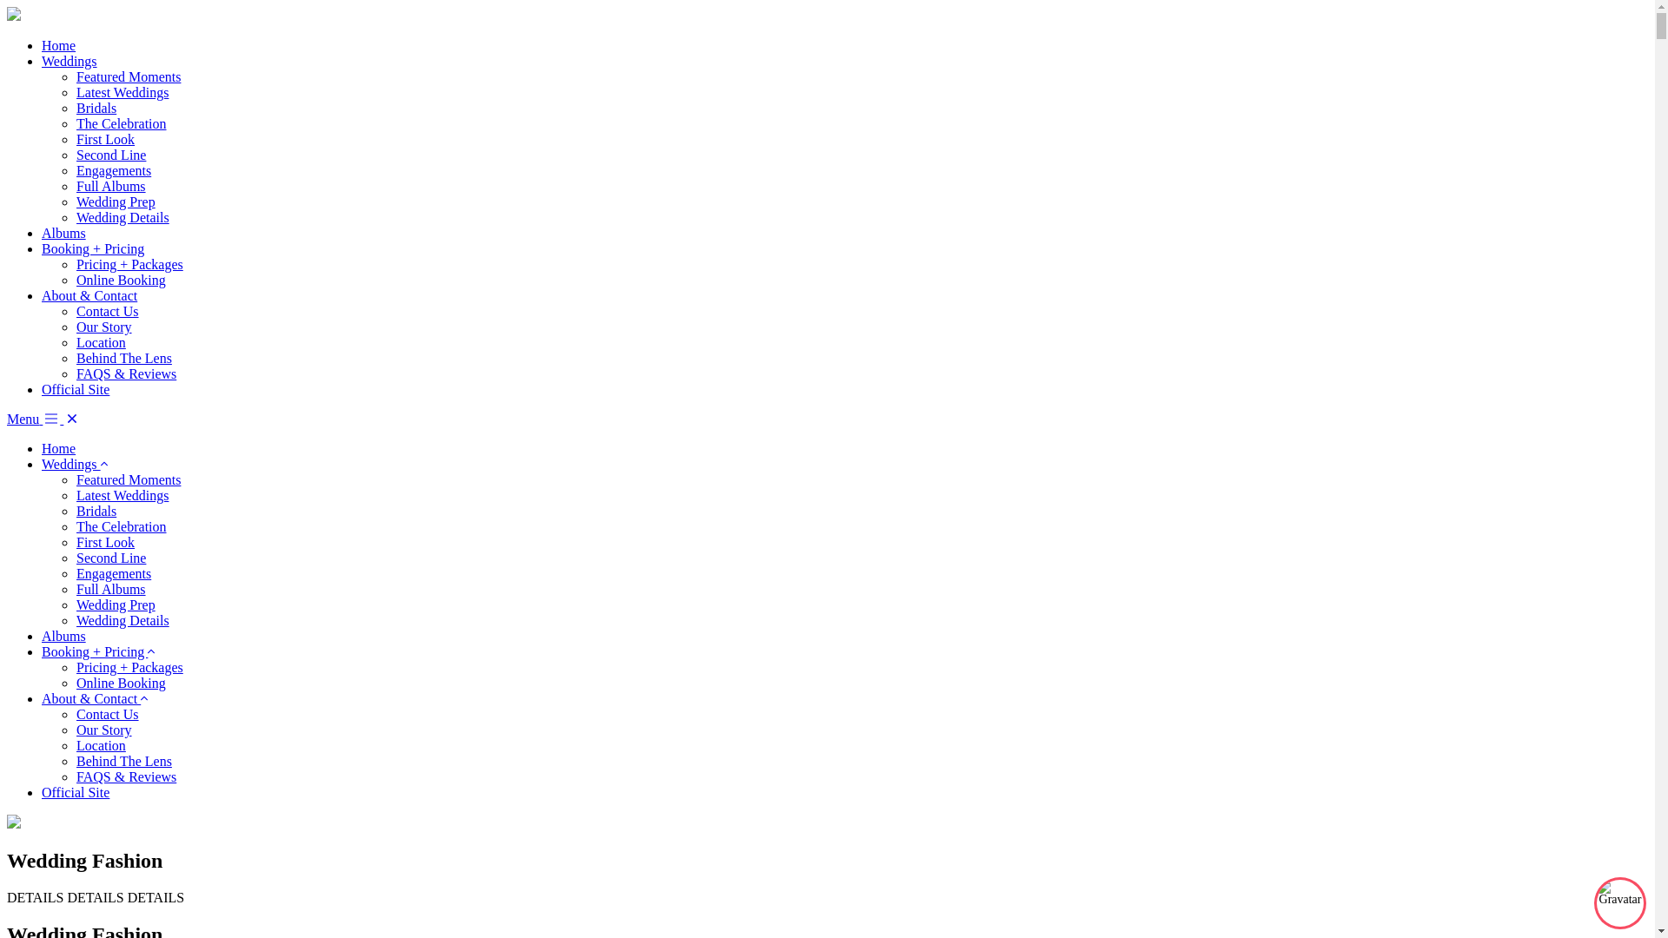  Describe the element at coordinates (115, 201) in the screenshot. I see `'Wedding Prep'` at that location.